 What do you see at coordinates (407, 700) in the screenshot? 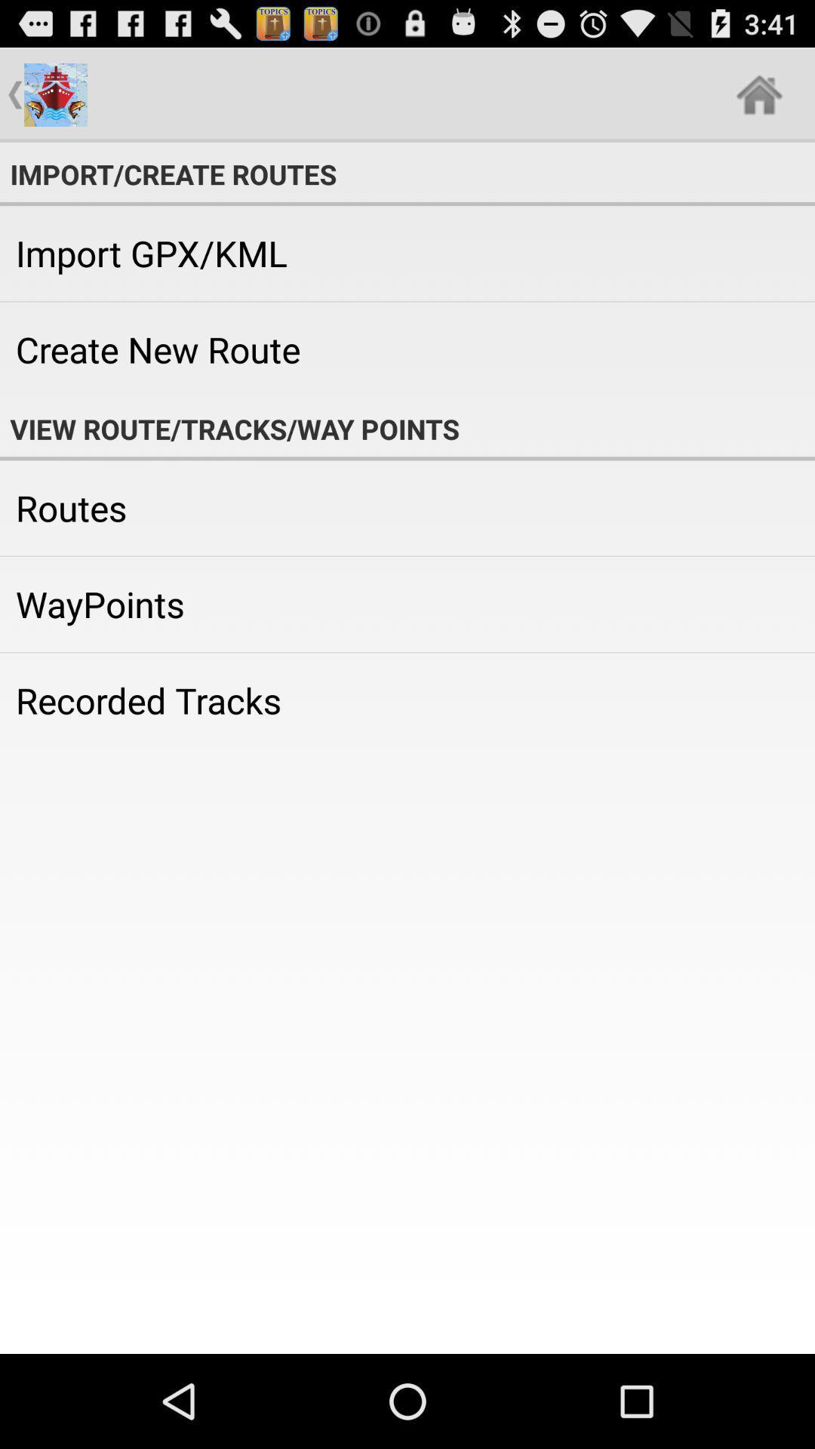
I see `the recorded tracks app` at bounding box center [407, 700].